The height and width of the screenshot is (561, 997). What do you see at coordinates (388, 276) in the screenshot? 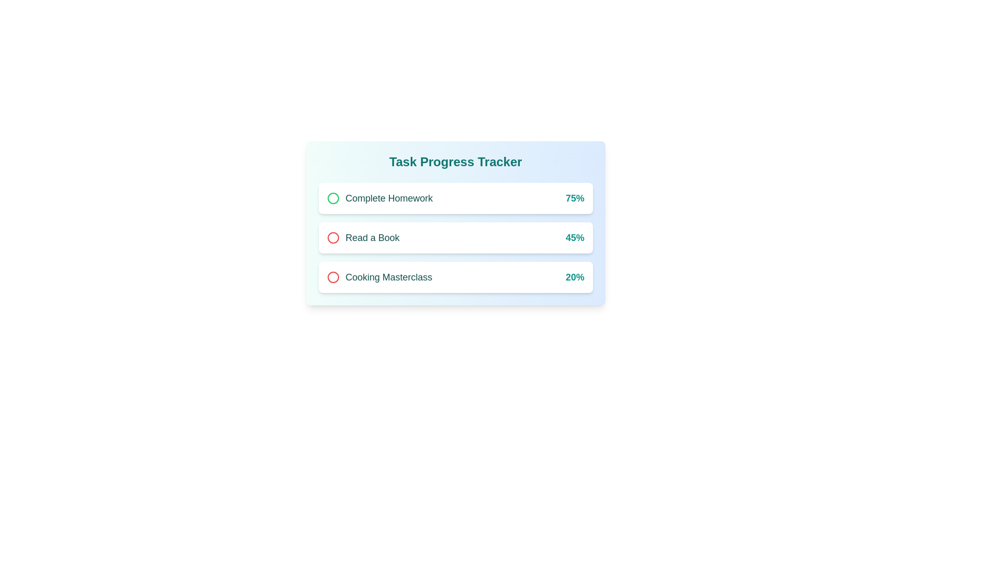
I see `the text label identifying the activity titled 'Cooking Masterclass', located in the bottom section of a vertical stack on the center-right of the interface` at bounding box center [388, 276].